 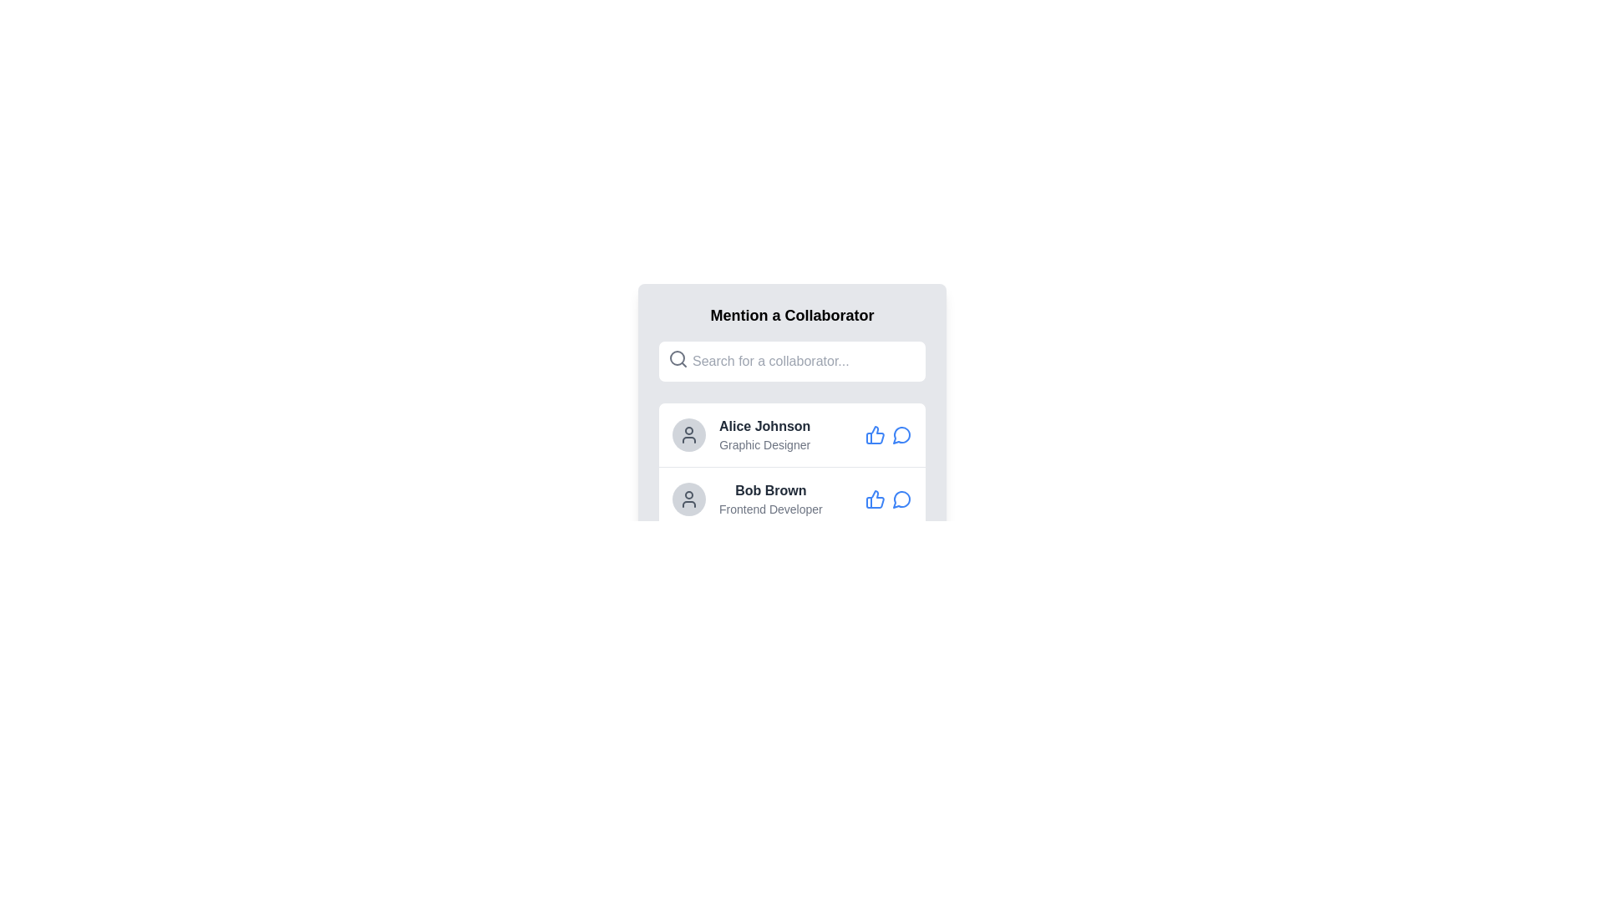 I want to click on the text label displaying 'Alice Johnson', so click(x=764, y=425).